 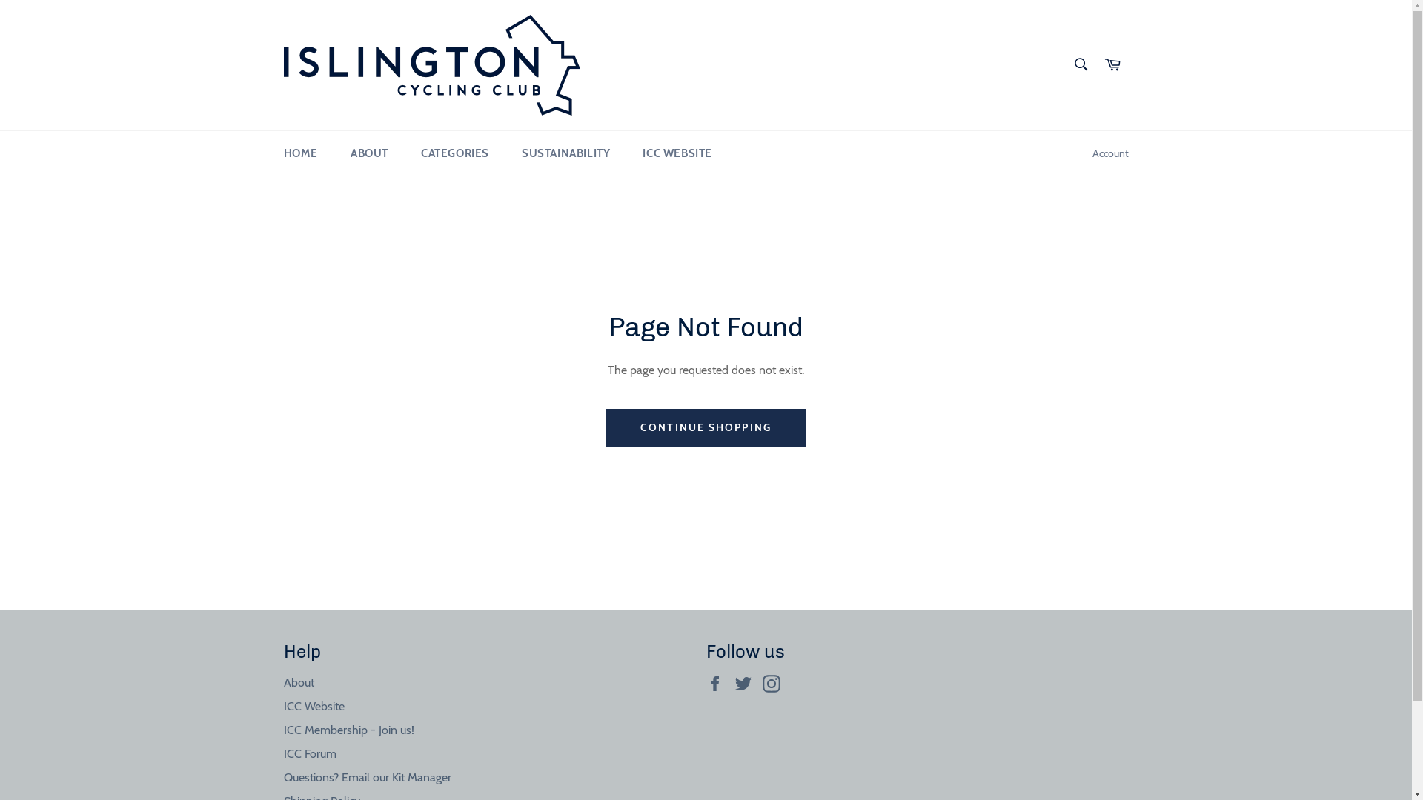 I want to click on 'HOME', so click(x=299, y=153).